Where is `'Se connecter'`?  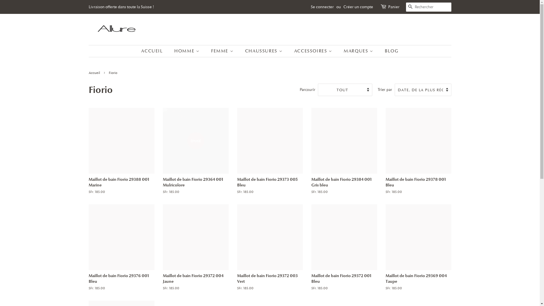
'Se connecter' is located at coordinates (322, 7).